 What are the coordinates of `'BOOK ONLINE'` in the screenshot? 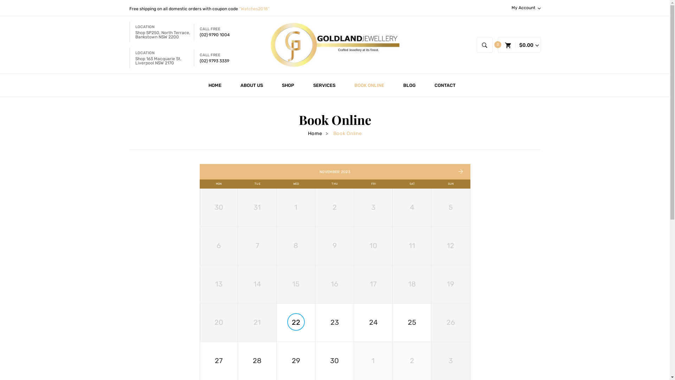 It's located at (368, 85).